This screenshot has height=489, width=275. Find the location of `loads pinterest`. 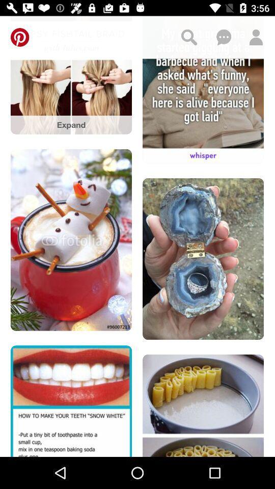

loads pinterest is located at coordinates (20, 37).